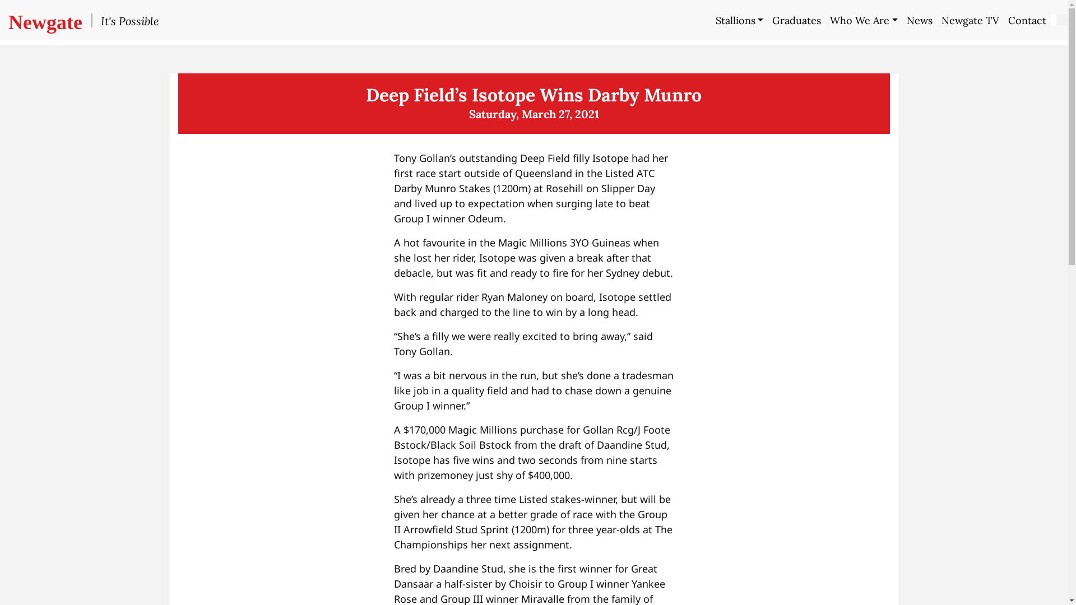 This screenshot has height=605, width=1076. Describe the element at coordinates (710, 20) in the screenshot. I see `'Stallions'` at that location.